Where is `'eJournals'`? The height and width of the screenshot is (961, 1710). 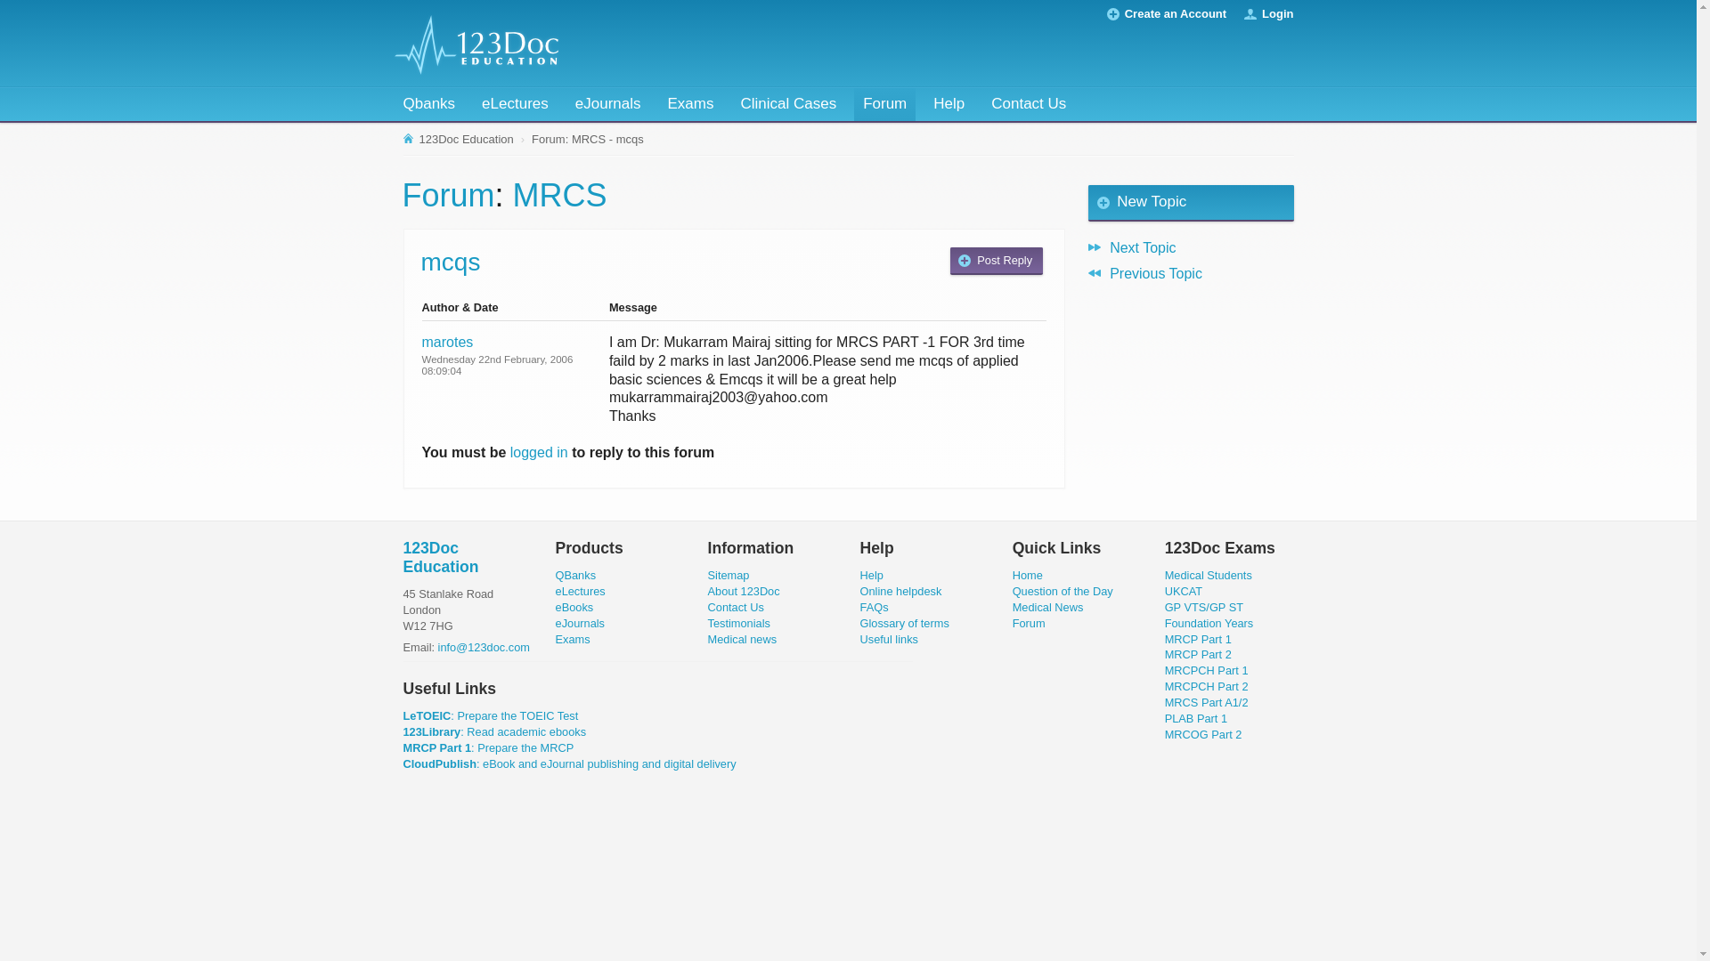
'eJournals' is located at coordinates (565, 104).